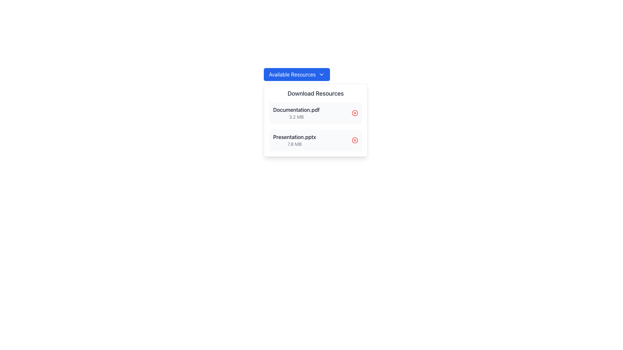  What do you see at coordinates (355, 140) in the screenshot?
I see `the graphical icon (circle) representing the delete action for the 'Presentation.pptx' file, located at the far right of the second item under the 'Download Resources' header` at bounding box center [355, 140].